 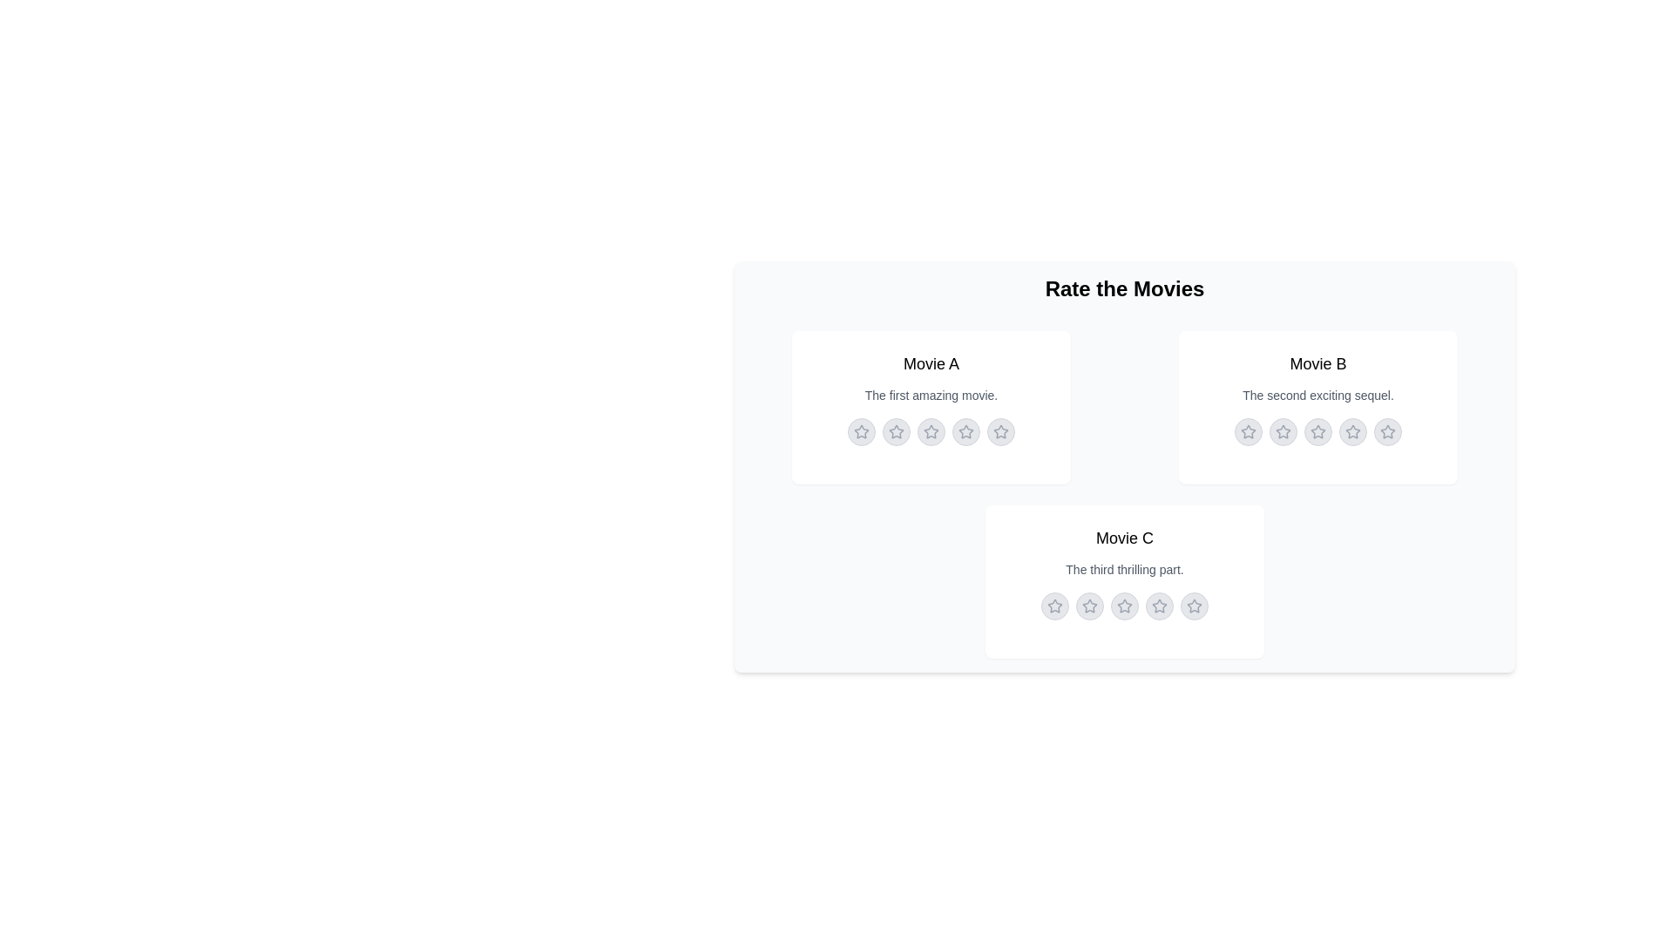 I want to click on the fifth star icon in the rating control for 'Movie C', so click(x=1194, y=605).